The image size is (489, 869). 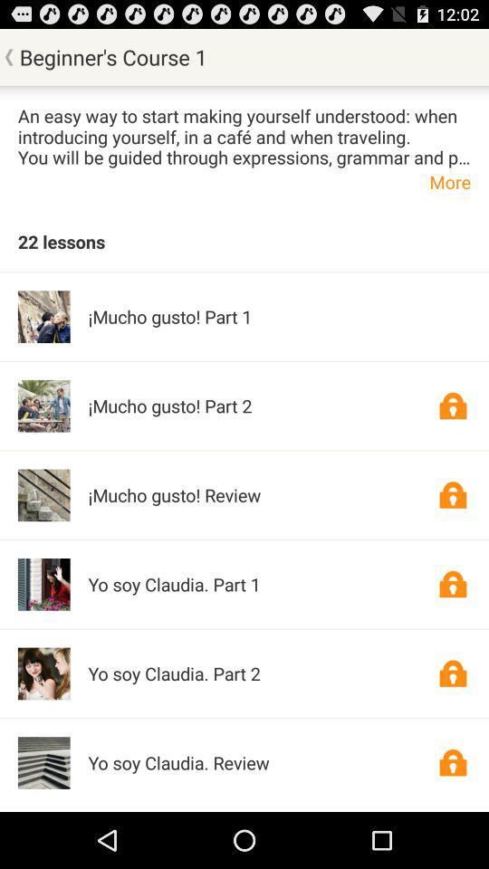 What do you see at coordinates (244, 135) in the screenshot?
I see `item above the more icon` at bounding box center [244, 135].